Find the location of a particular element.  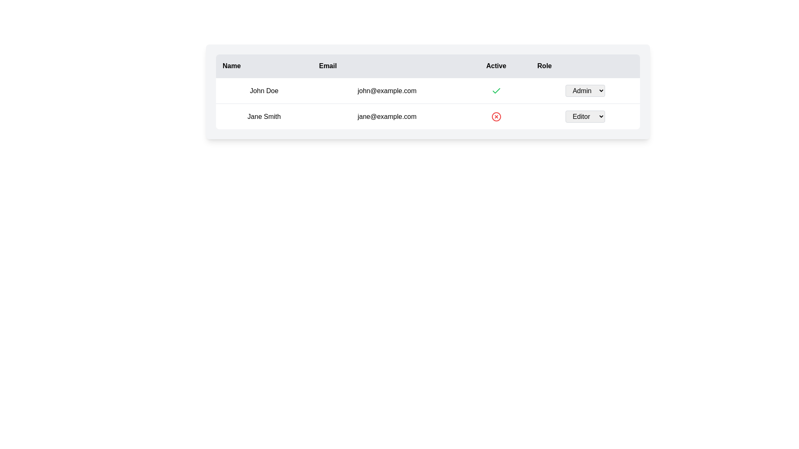

the static text display showing the name 'Jane Smith' located in the second row of the table under the 'Name' column is located at coordinates (263, 116).